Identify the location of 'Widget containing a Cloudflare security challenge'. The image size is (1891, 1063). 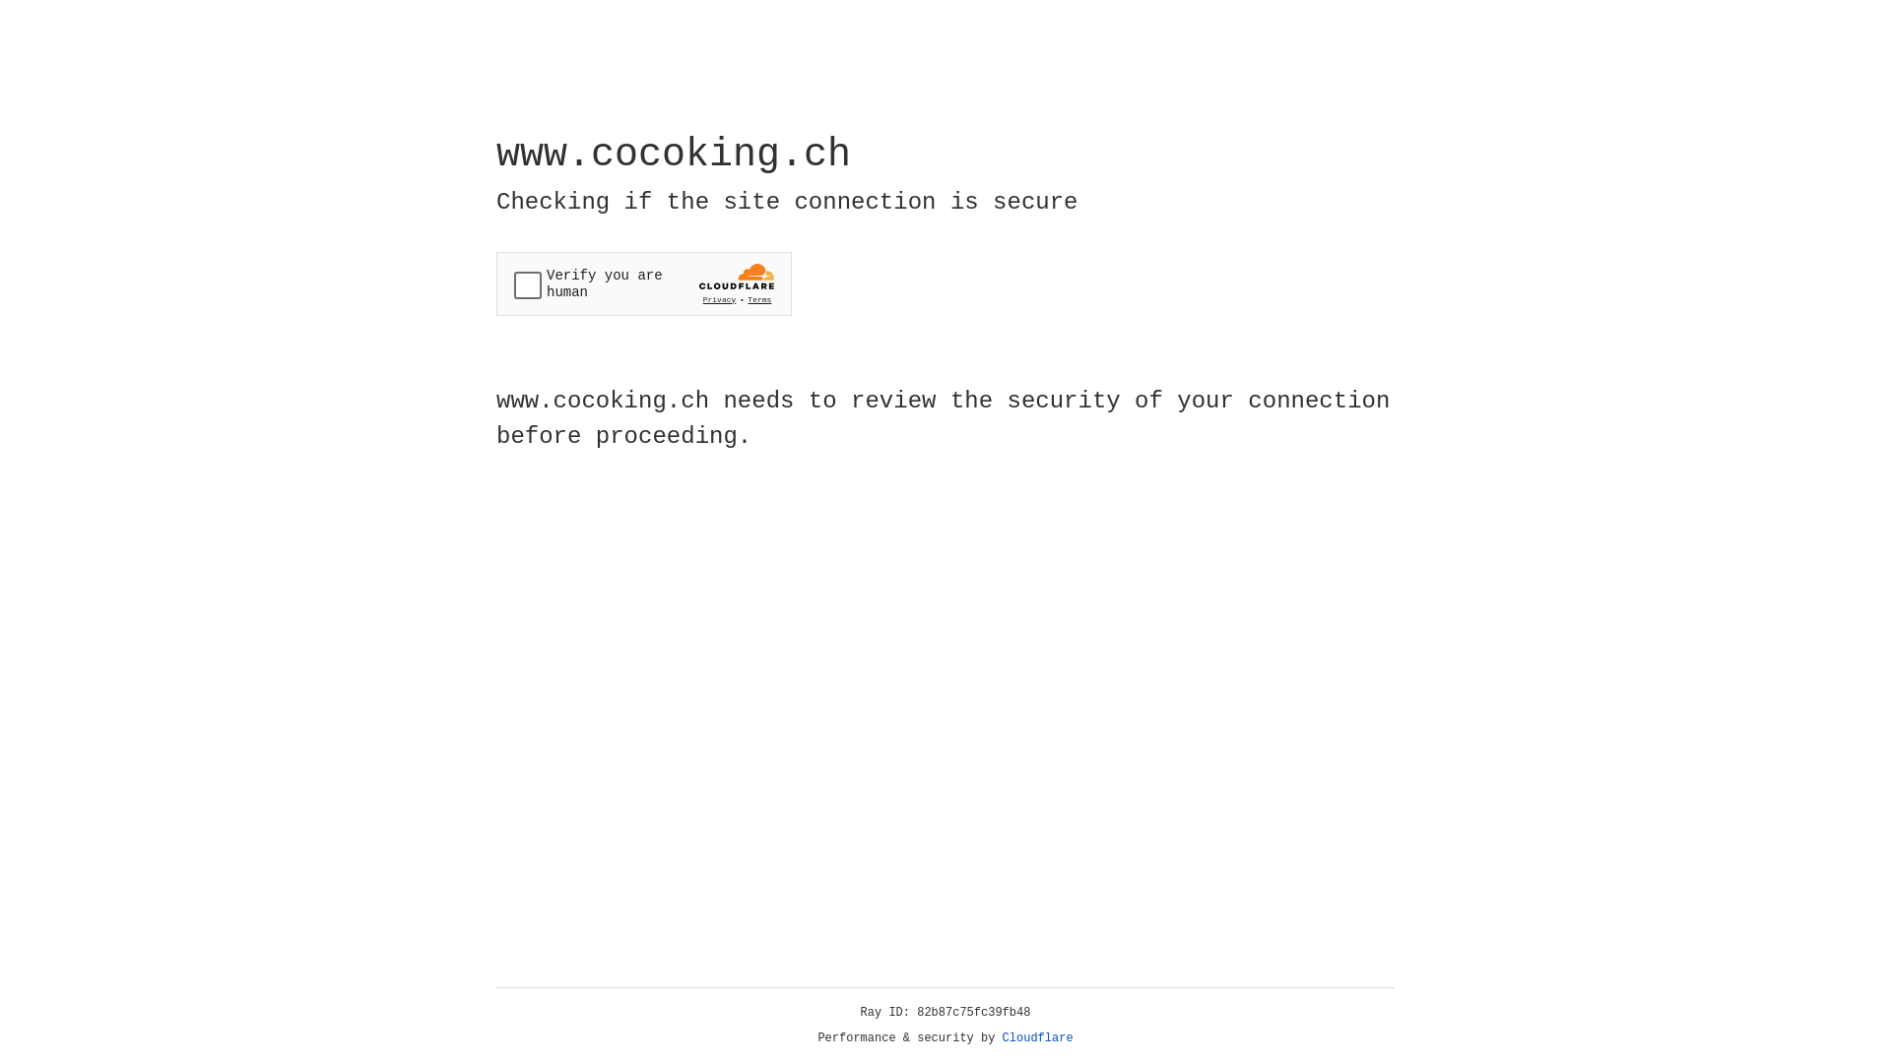
(643, 283).